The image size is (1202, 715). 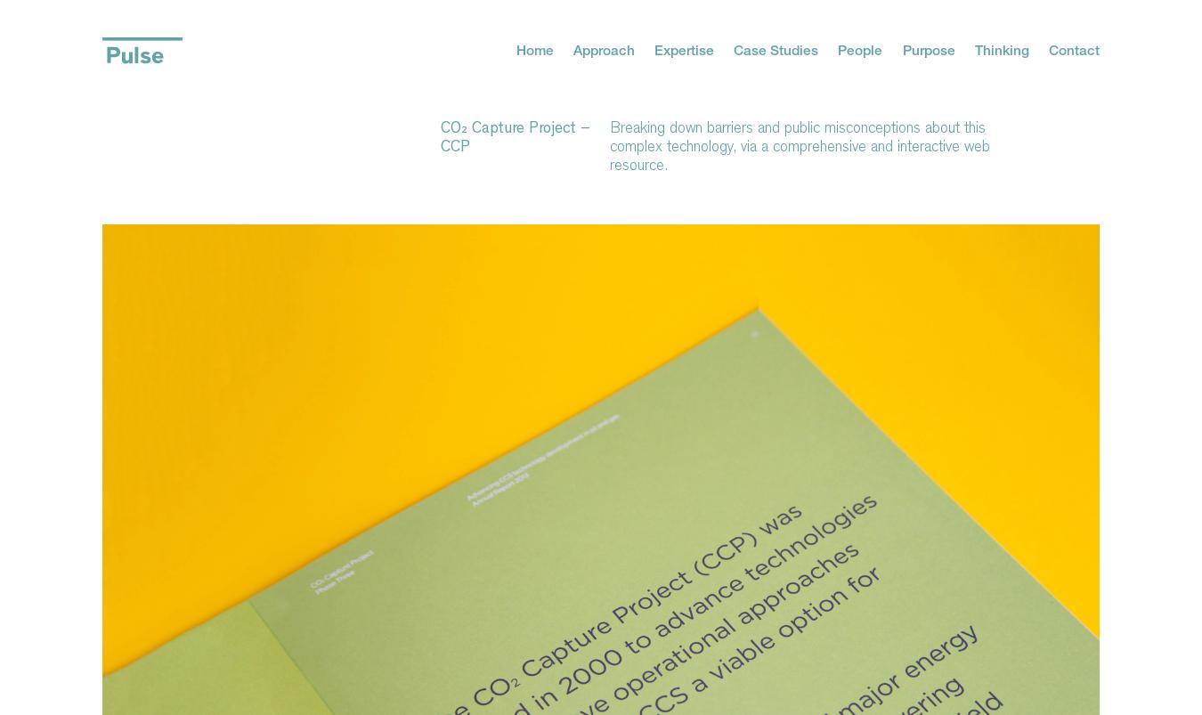 What do you see at coordinates (533, 48) in the screenshot?
I see `'Home'` at bounding box center [533, 48].